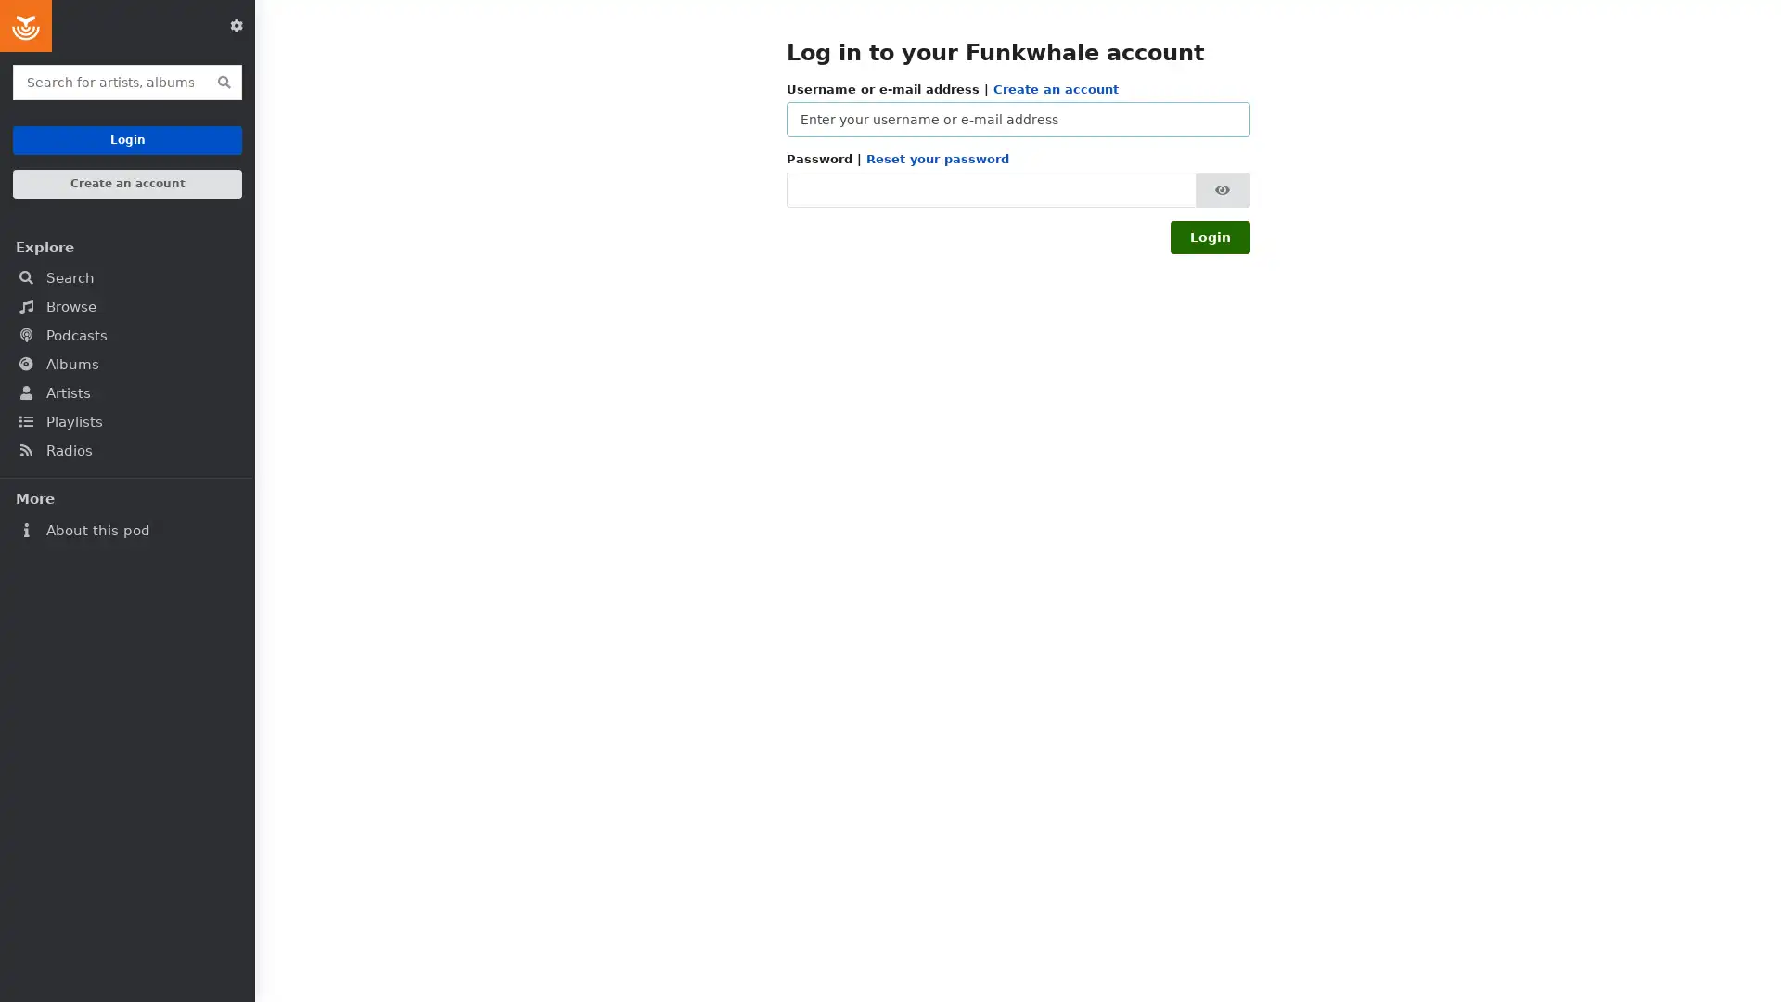 The width and height of the screenshot is (1781, 1002). Describe the element at coordinates (126, 246) in the screenshot. I see `Explore` at that location.